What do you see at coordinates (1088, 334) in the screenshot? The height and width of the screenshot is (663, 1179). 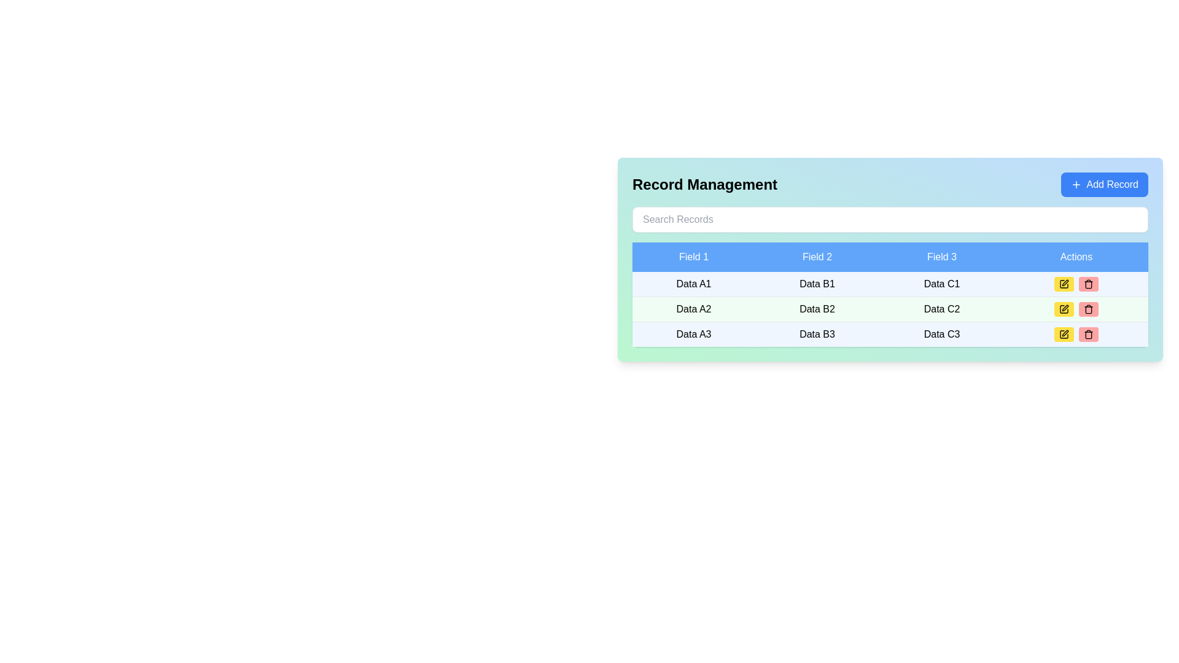 I see `the delete button, which is the third button in the 'Actions' column of the last row in the 'Record Management' table, to observe any visual changes` at bounding box center [1088, 334].